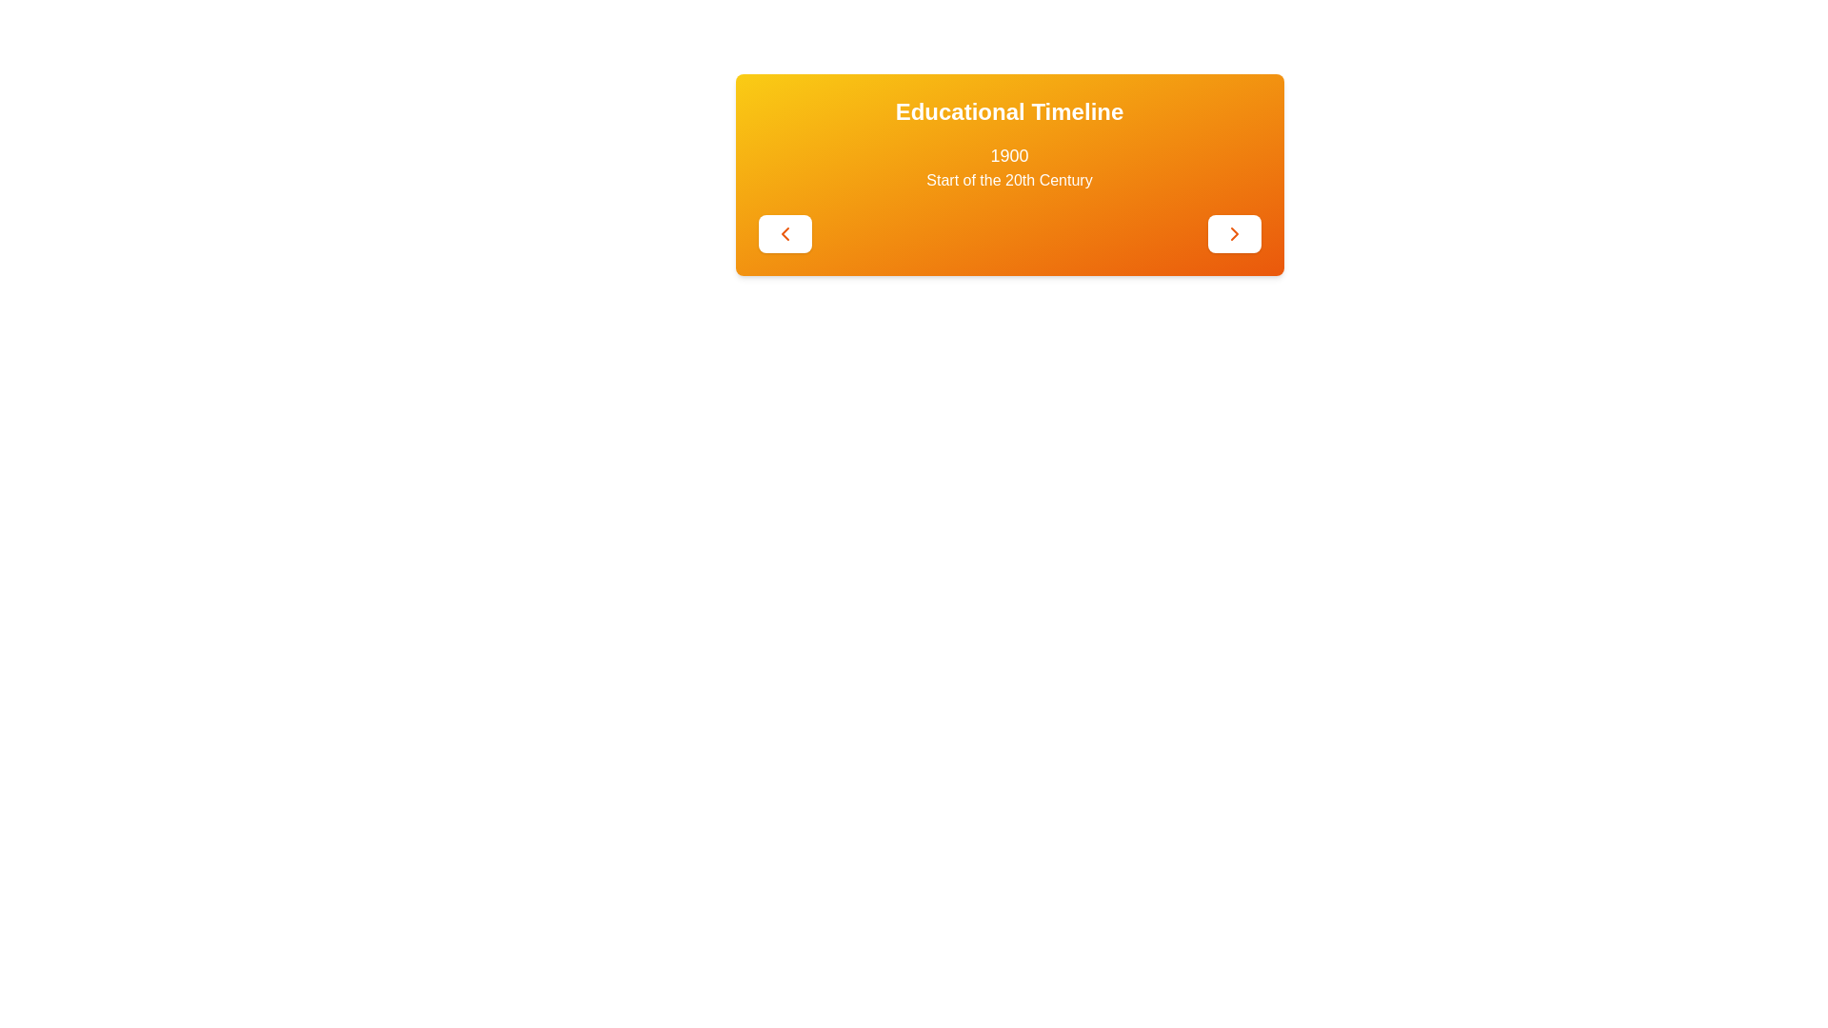  What do you see at coordinates (1008, 112) in the screenshot?
I see `the Text Label that serves as the title for the 'Educational Timeline', positioned at the top of the gradient background` at bounding box center [1008, 112].